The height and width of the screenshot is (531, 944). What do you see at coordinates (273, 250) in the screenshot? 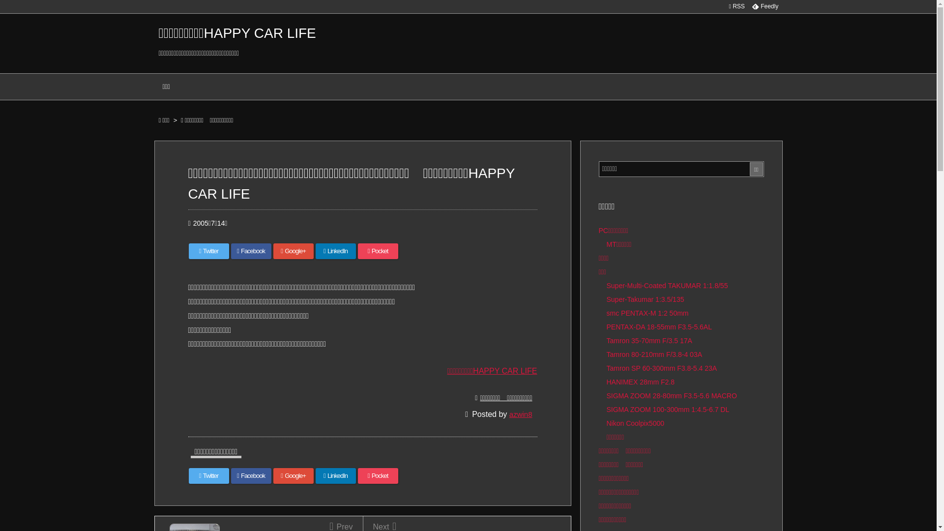
I see `' Google+'` at bounding box center [273, 250].